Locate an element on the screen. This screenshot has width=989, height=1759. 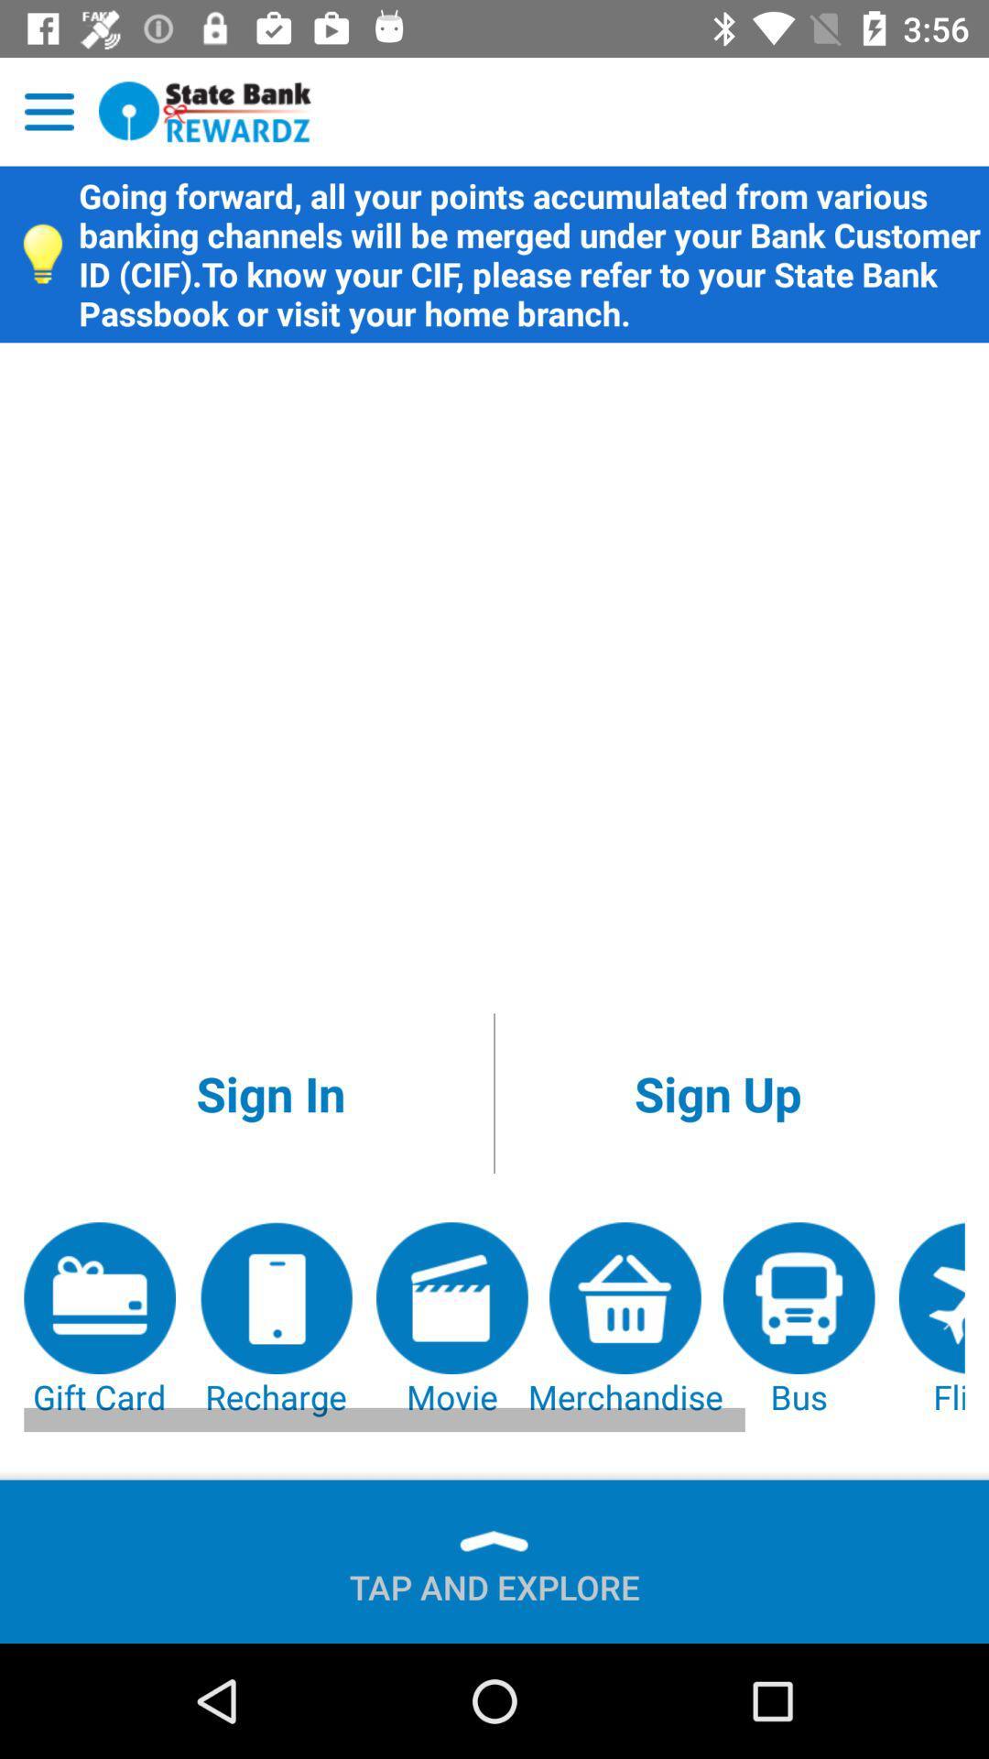
the item below the going forward all app is located at coordinates (717, 1093).